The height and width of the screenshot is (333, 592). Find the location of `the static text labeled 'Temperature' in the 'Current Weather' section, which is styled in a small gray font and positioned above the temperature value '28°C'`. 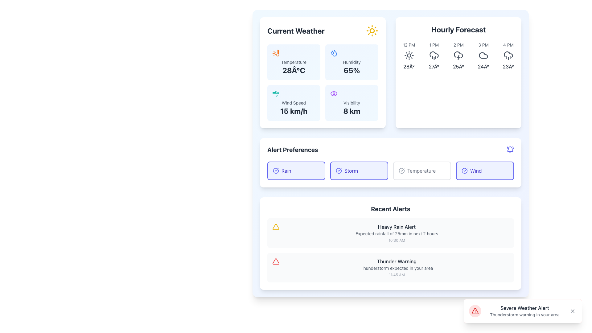

the static text labeled 'Temperature' in the 'Current Weather' section, which is styled in a small gray font and positioned above the temperature value '28°C' is located at coordinates (294, 62).